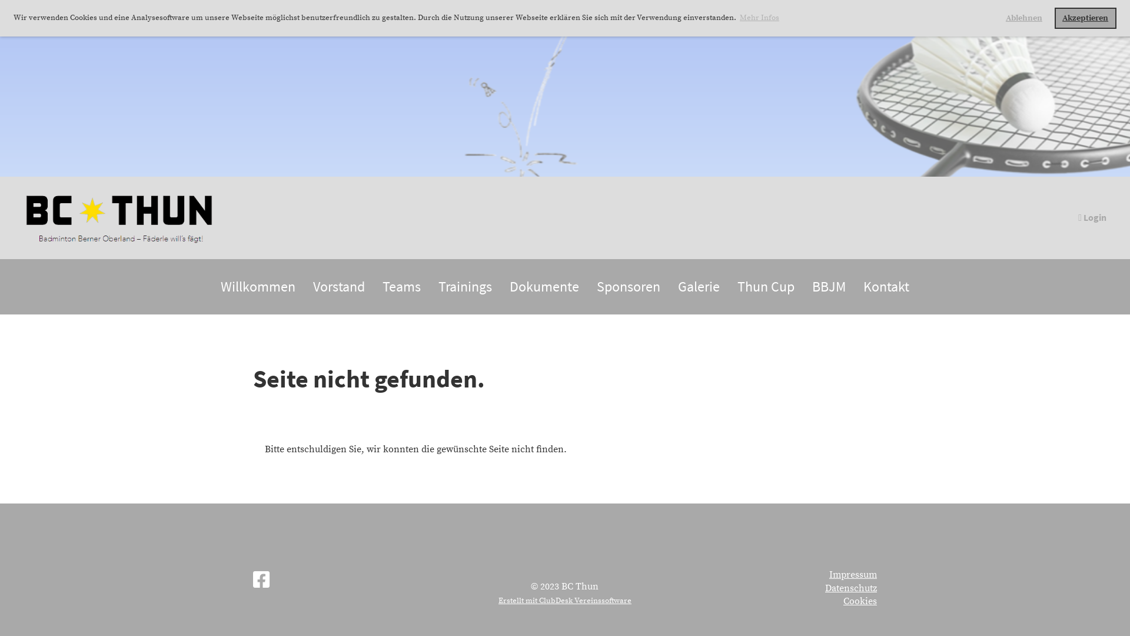  Describe the element at coordinates (1085, 18) in the screenshot. I see `'Akzeptieren'` at that location.